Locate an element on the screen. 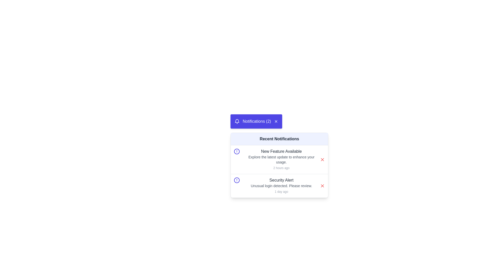 The width and height of the screenshot is (489, 275). the 'Security Alert' text label, which is the first line of text in the second notification card under the 'Notifications' button is located at coordinates (281, 180).